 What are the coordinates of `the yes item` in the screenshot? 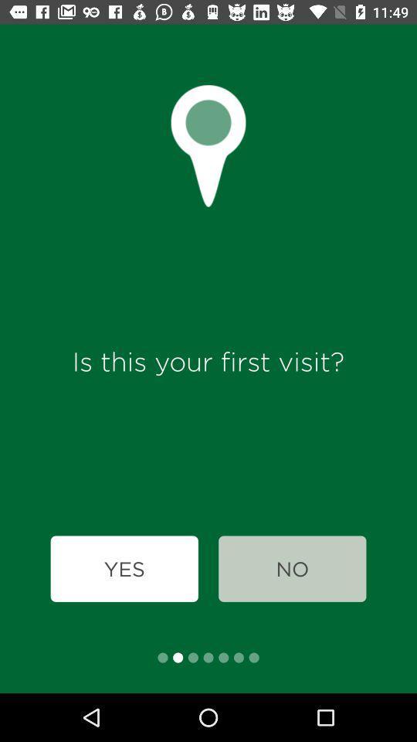 It's located at (124, 568).